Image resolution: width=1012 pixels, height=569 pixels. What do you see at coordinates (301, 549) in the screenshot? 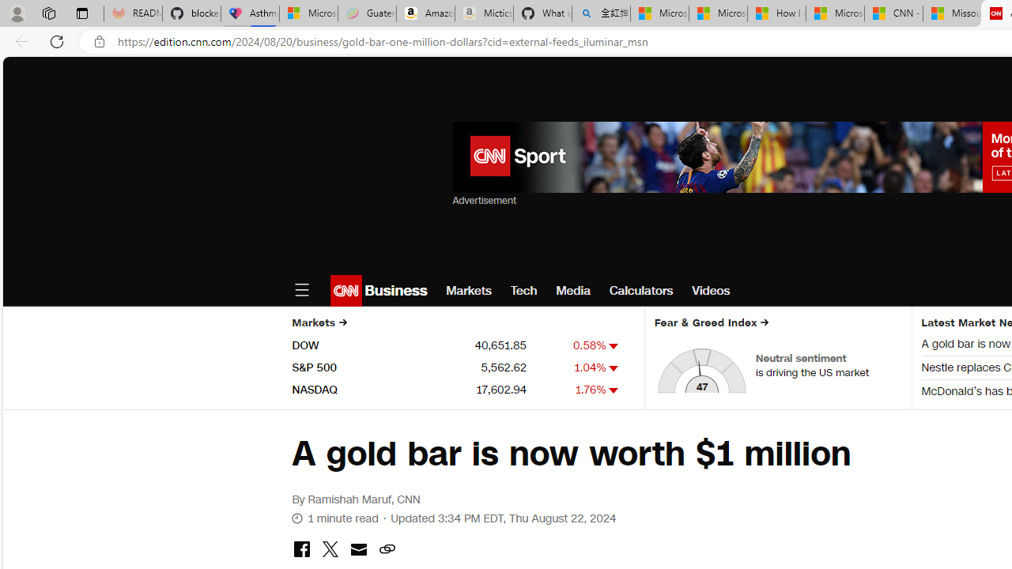
I see `'share with facebook'` at bounding box center [301, 549].